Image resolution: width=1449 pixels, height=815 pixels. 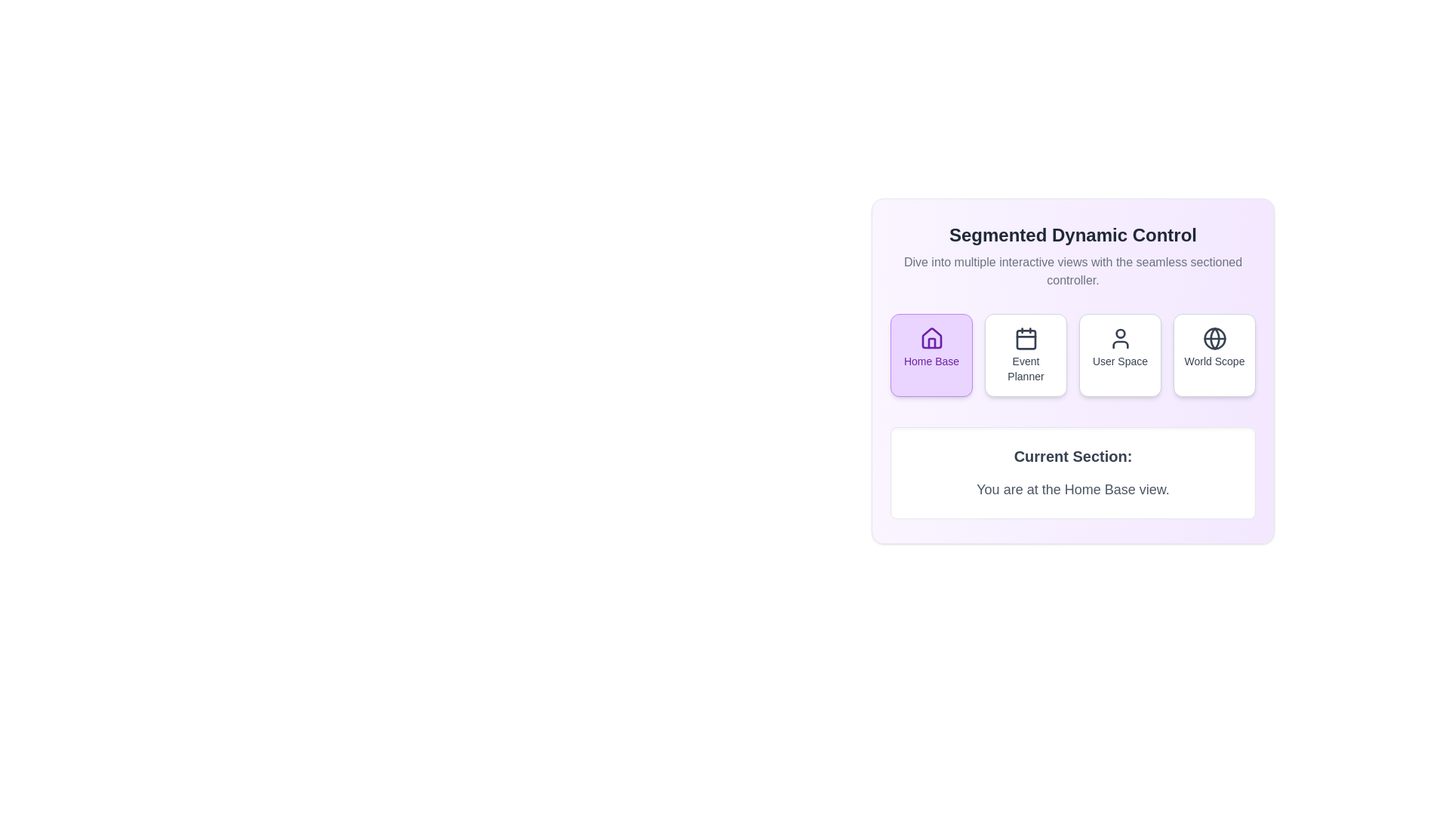 What do you see at coordinates (931, 337) in the screenshot?
I see `the 'Home Base' navigation icon located in the first position of the interactive buttons at the top of the segmented control area` at bounding box center [931, 337].